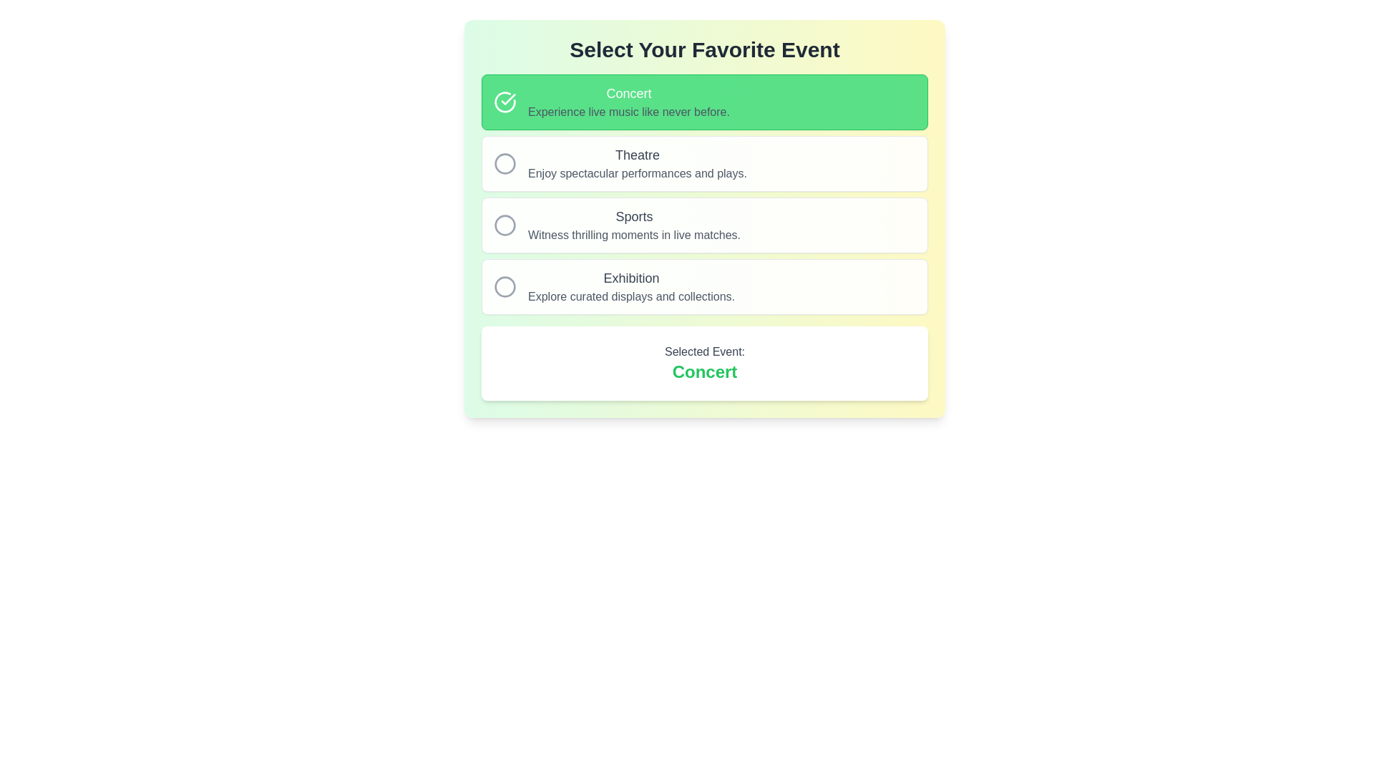 The width and height of the screenshot is (1374, 773). I want to click on the text label displaying 'Witness thrilling moments in live matches.' which is located under the 'Sports' header in the selection list, so click(633, 234).